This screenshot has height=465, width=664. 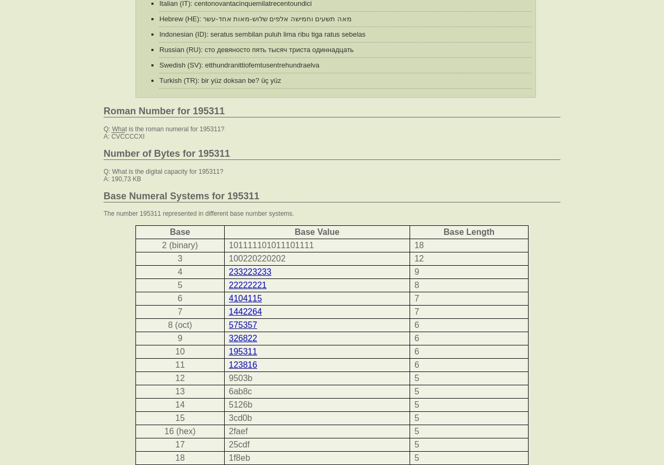 What do you see at coordinates (240, 378) in the screenshot?
I see `'9503b'` at bounding box center [240, 378].